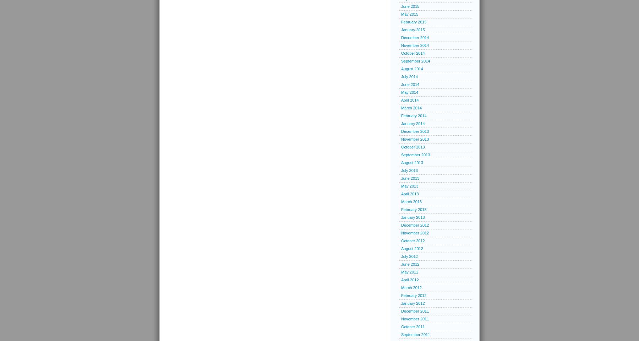  What do you see at coordinates (414, 139) in the screenshot?
I see `'November 2013'` at bounding box center [414, 139].